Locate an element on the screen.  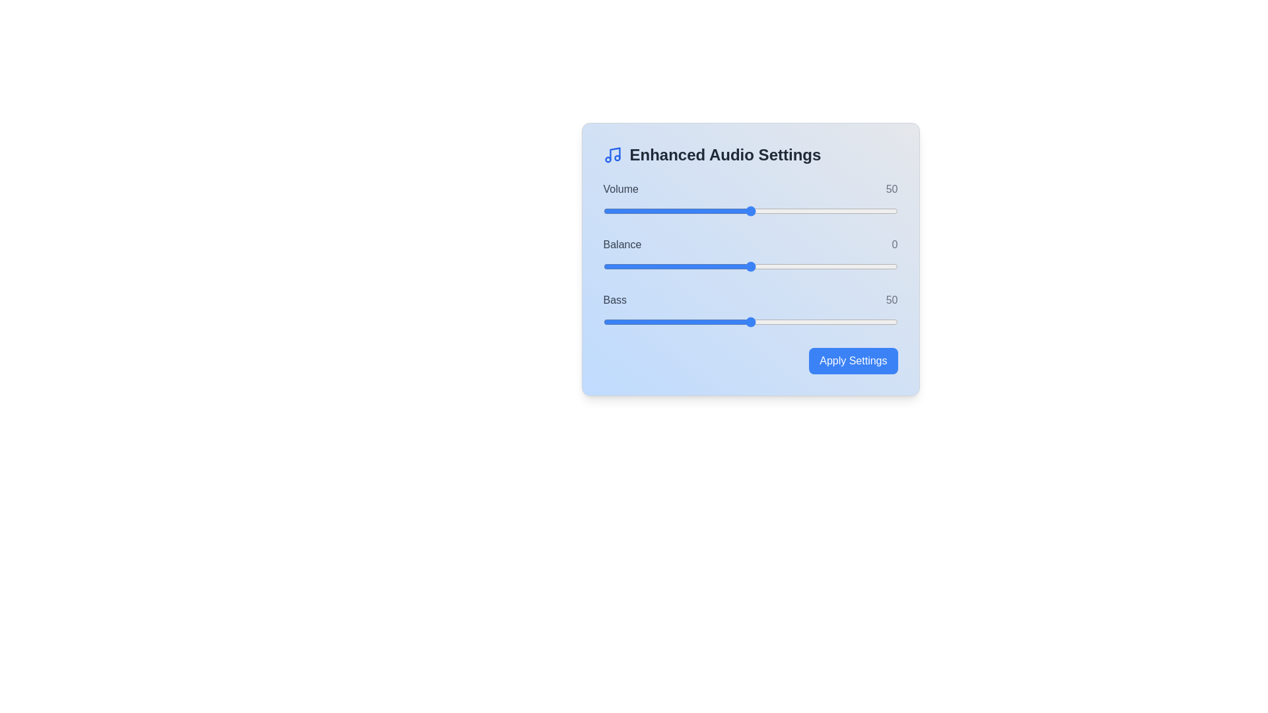
the volume slider to 58 percent is located at coordinates (774, 211).